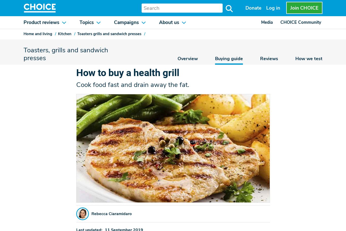  I want to click on 'Log in', so click(266, 8).